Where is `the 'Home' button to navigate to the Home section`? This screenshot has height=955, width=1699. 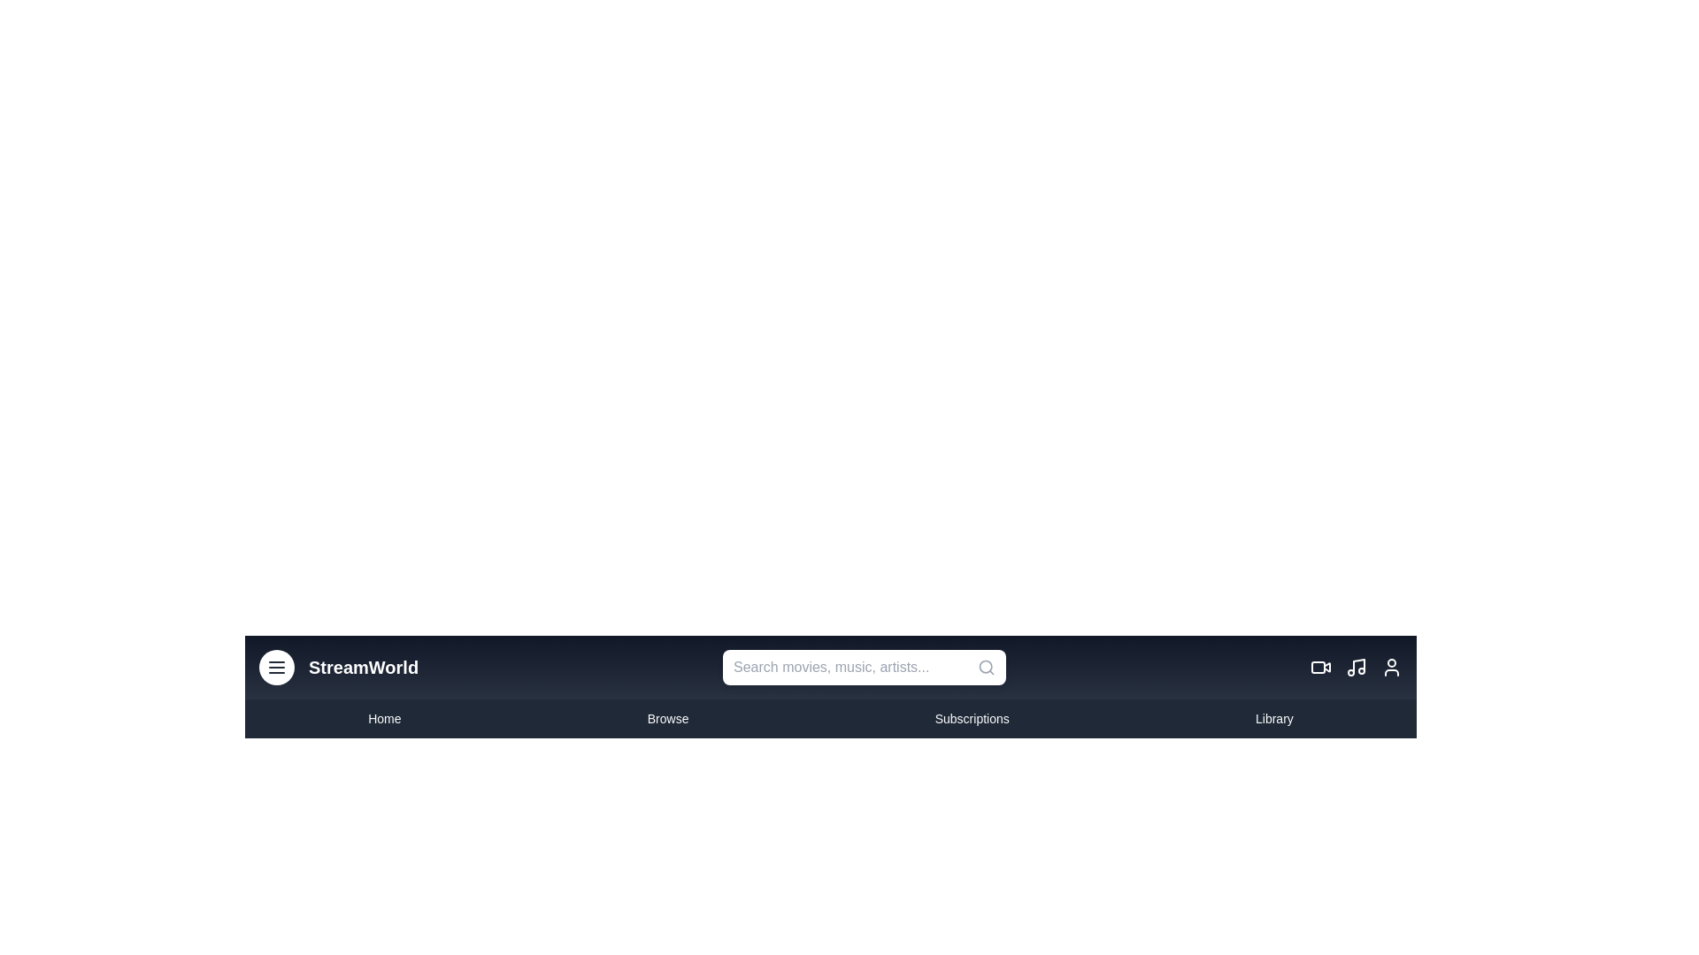 the 'Home' button to navigate to the Home section is located at coordinates (383, 719).